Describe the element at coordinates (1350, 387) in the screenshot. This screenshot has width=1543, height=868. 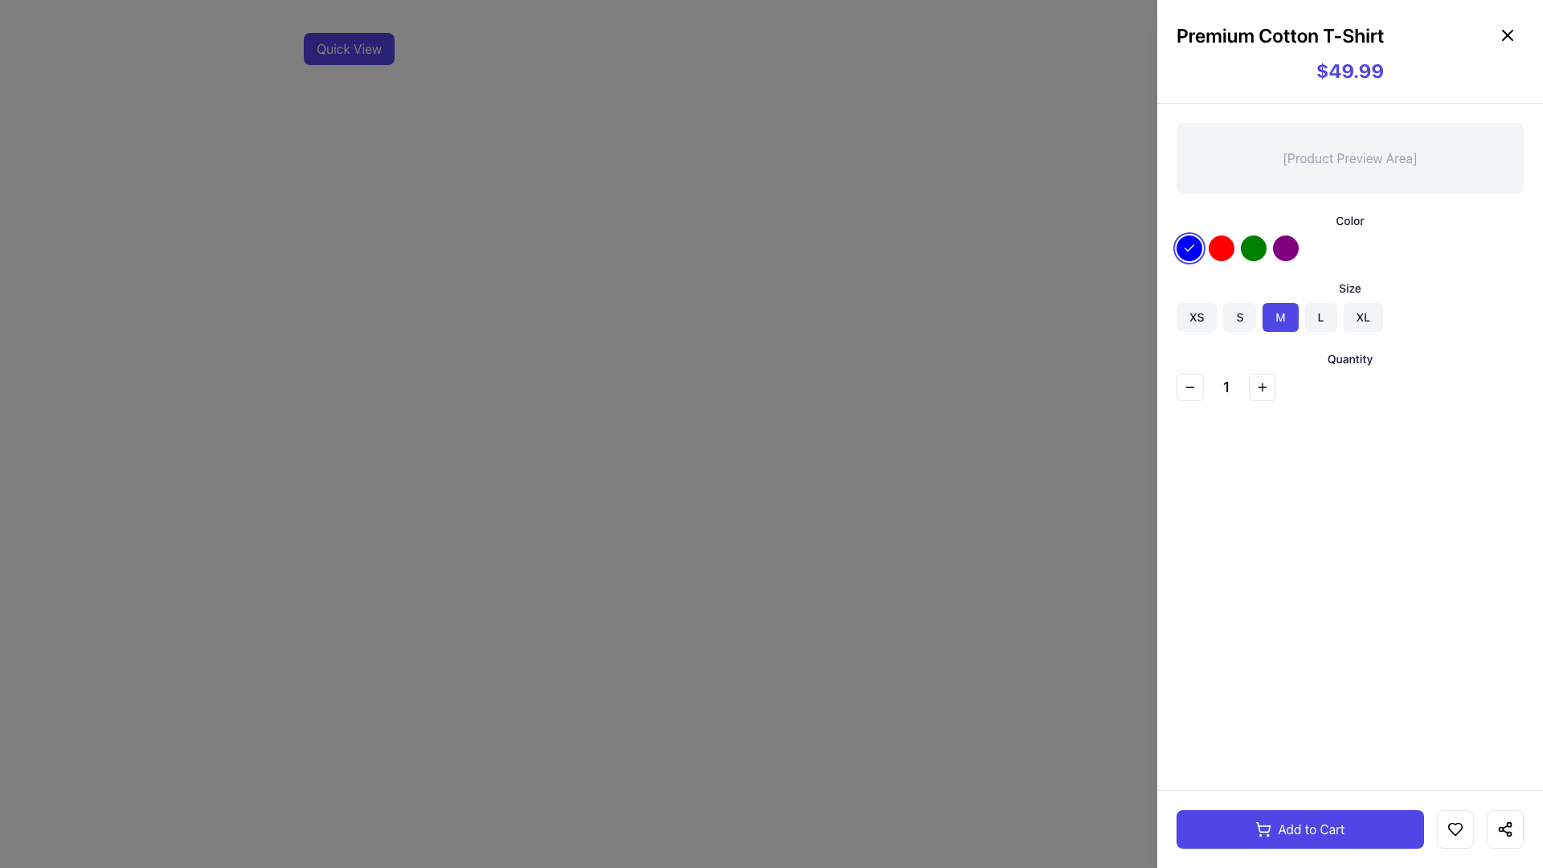
I see `the quantity control section buttons` at that location.